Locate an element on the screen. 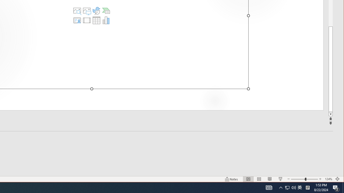 The height and width of the screenshot is (193, 344). 'Insert Chart' is located at coordinates (106, 20).